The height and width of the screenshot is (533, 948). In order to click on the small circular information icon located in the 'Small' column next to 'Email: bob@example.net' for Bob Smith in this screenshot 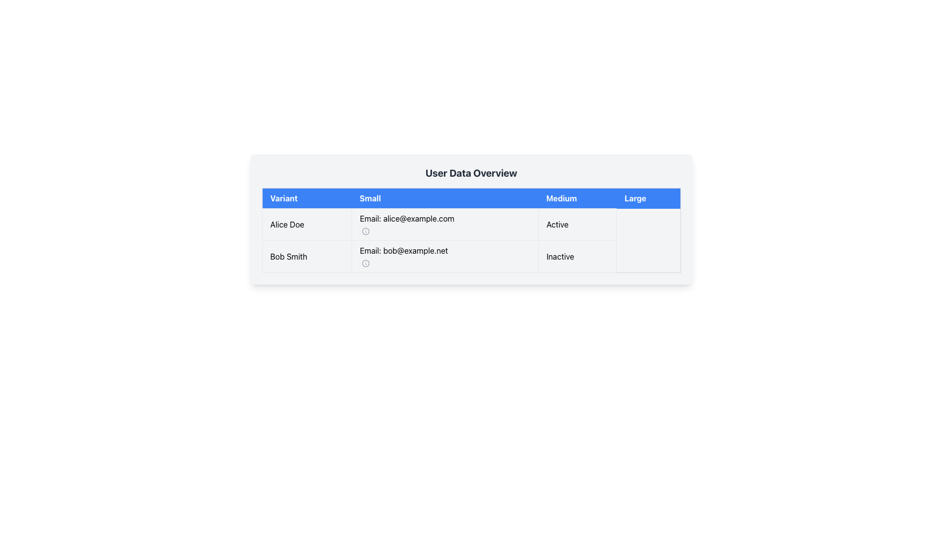, I will do `click(365, 262)`.